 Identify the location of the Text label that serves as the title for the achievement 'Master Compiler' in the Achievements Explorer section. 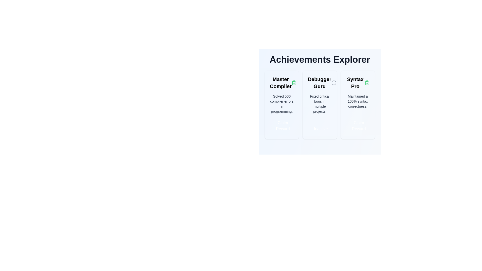
(280, 83).